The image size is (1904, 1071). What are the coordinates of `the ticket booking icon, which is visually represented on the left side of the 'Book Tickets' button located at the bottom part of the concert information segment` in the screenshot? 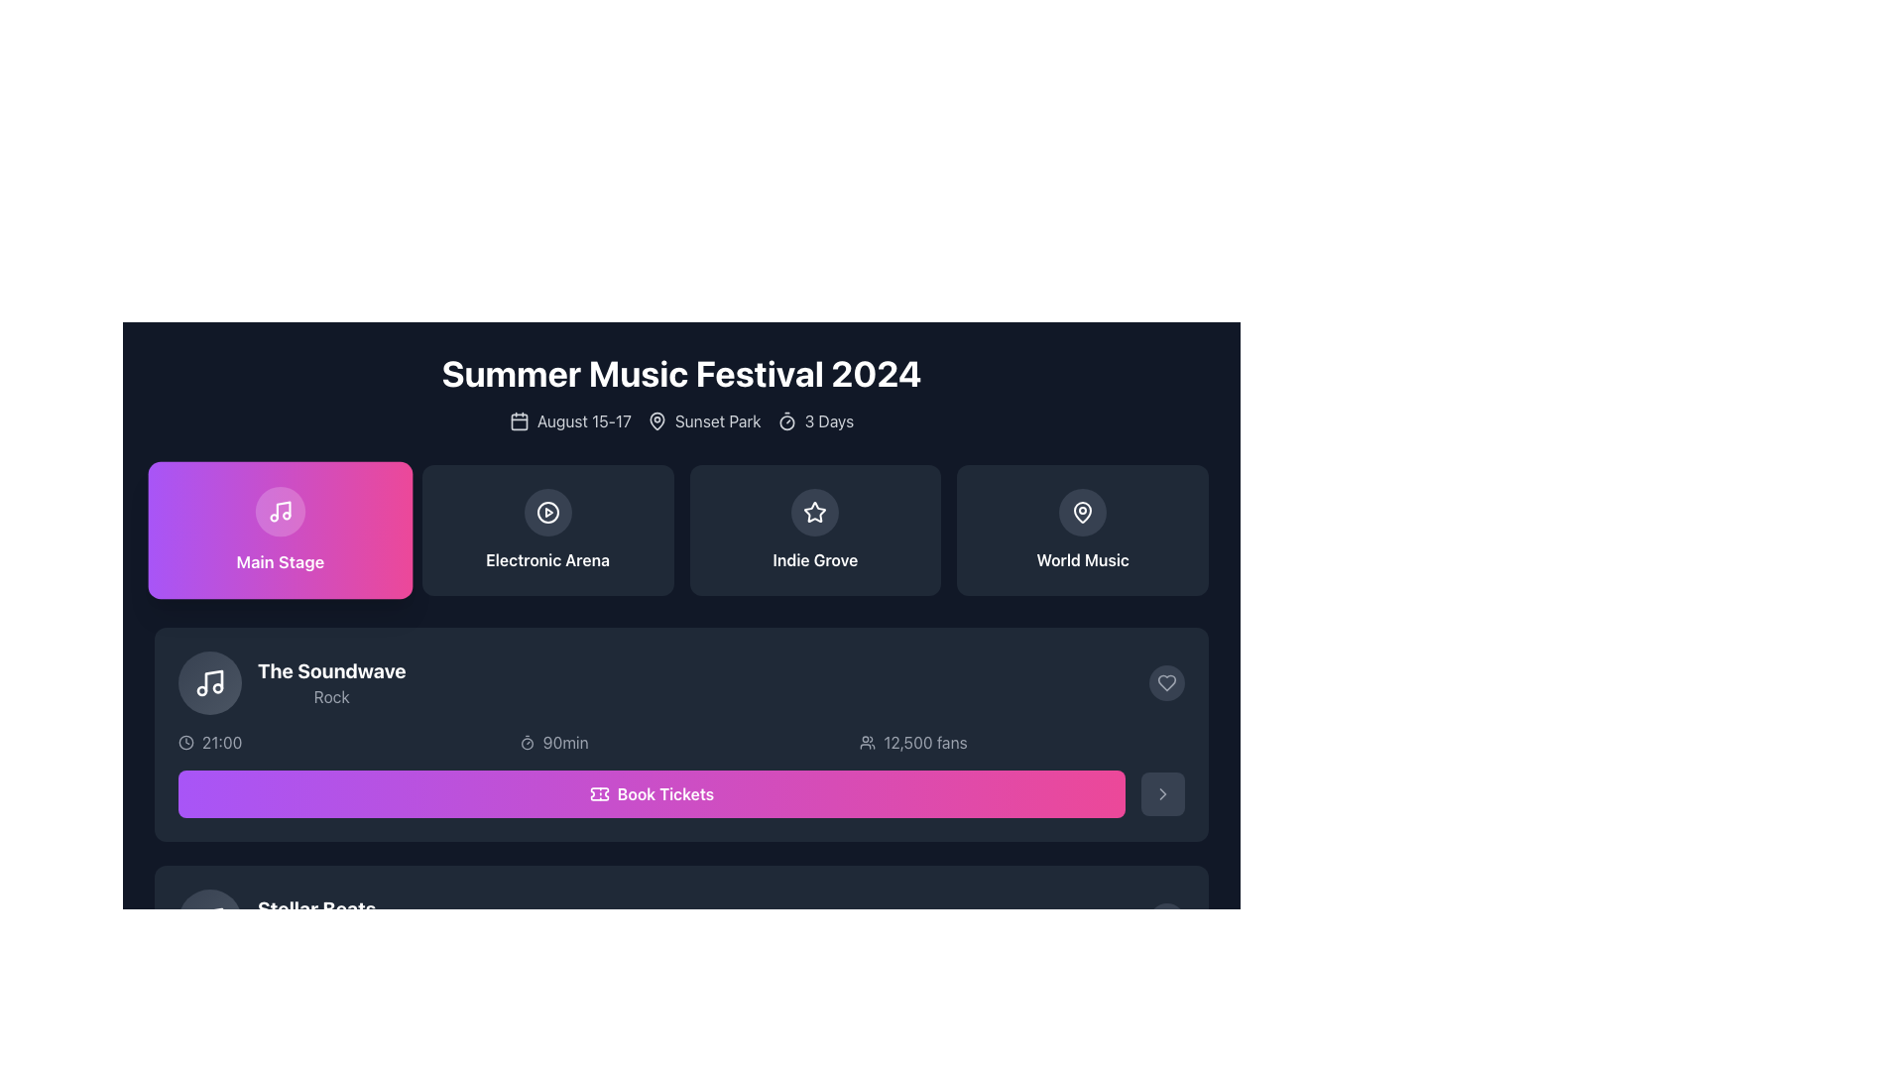 It's located at (598, 793).